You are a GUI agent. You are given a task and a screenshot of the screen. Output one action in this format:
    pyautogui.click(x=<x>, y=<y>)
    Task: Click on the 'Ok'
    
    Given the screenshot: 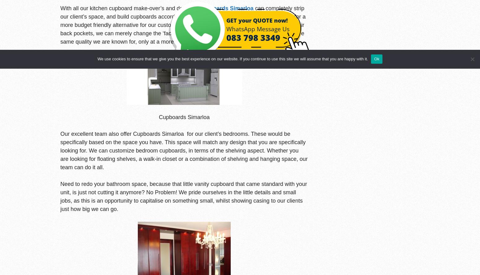 What is the action you would take?
    pyautogui.click(x=377, y=59)
    